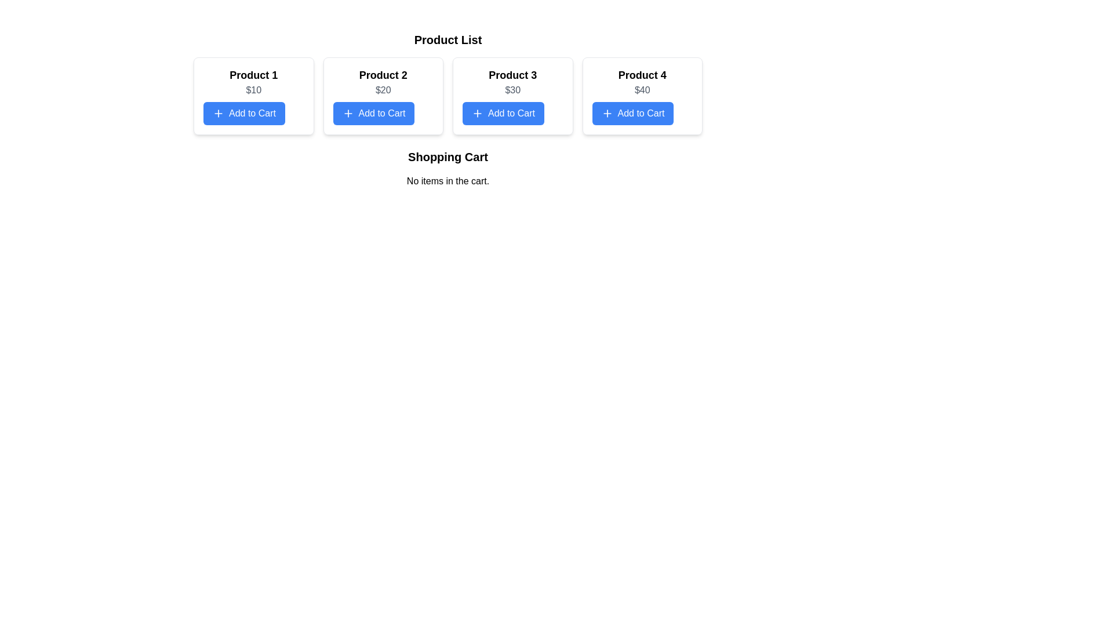  I want to click on the text label identifying 'Product 3', which serves as the title for the third product in the 'Product List' section, so click(512, 75).